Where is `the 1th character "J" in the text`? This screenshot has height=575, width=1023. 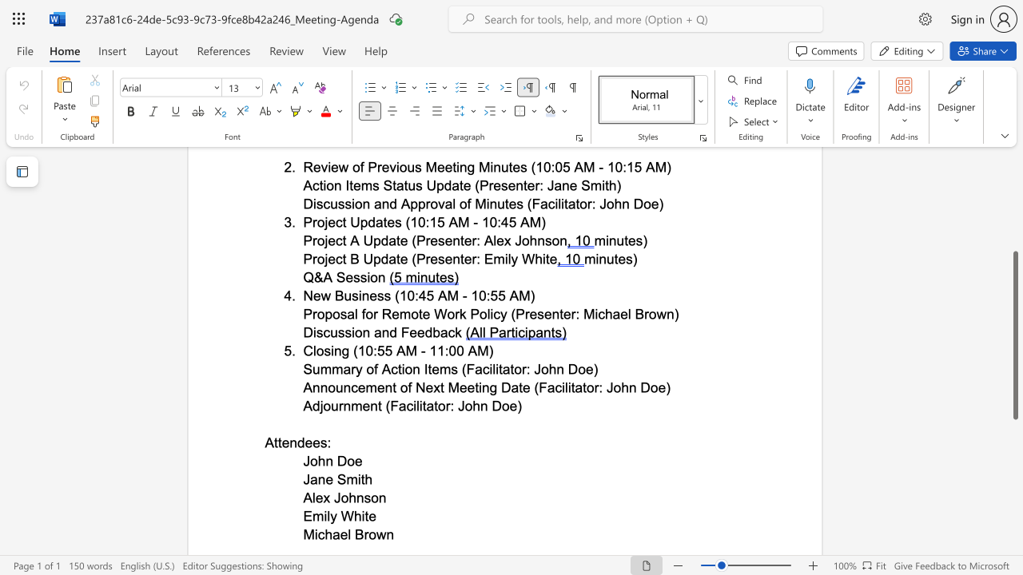 the 1th character "J" in the text is located at coordinates (306, 478).